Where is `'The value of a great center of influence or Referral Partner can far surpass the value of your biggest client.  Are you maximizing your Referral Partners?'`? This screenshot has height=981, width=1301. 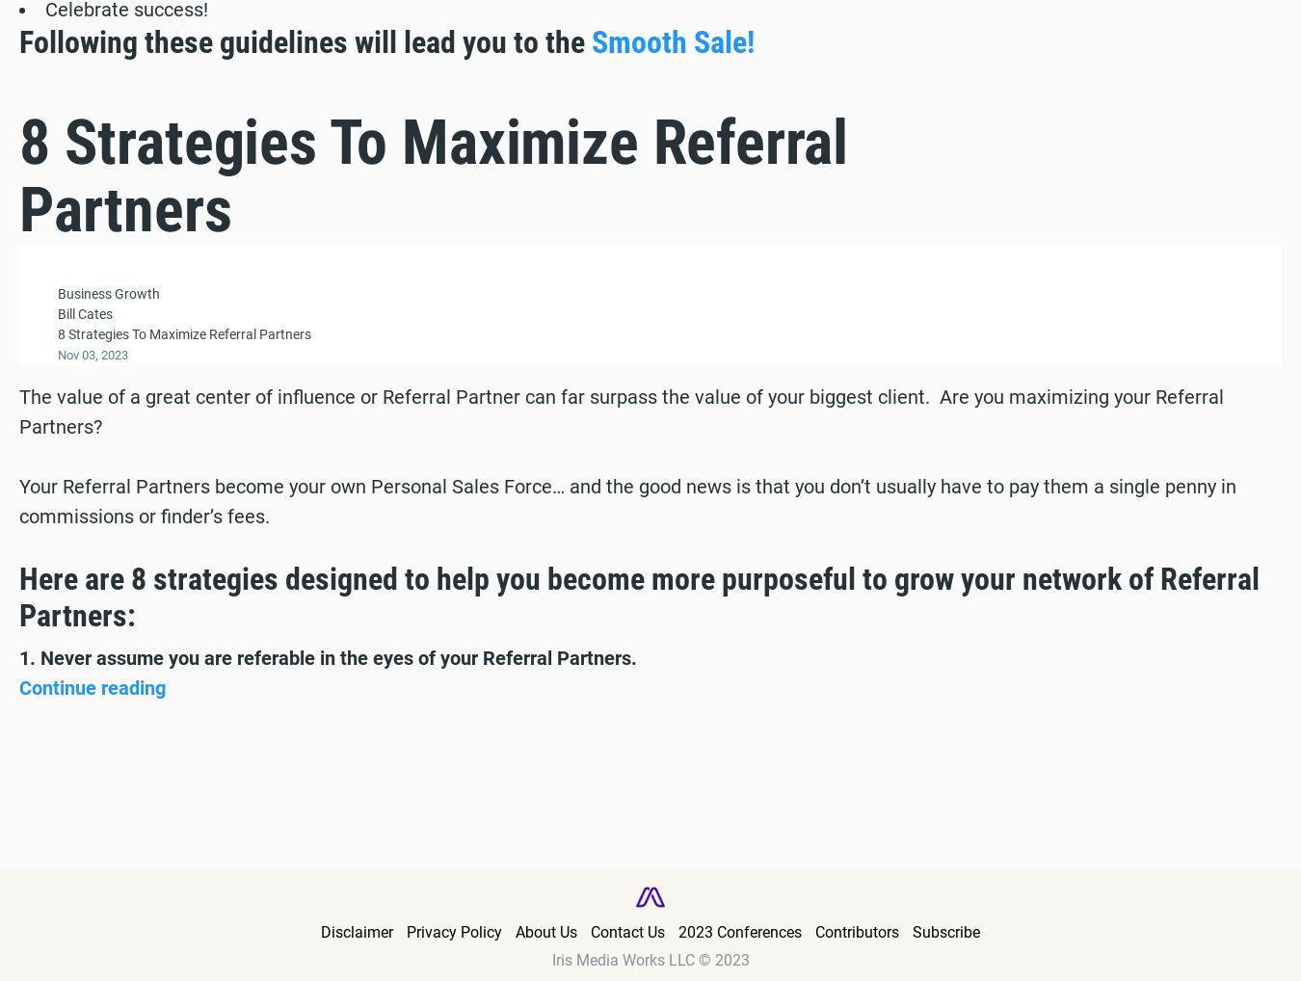
'The value of a great center of influence or Referral Partner can far surpass the value of your biggest client.  Are you maximizing your Referral Partners?' is located at coordinates (622, 410).